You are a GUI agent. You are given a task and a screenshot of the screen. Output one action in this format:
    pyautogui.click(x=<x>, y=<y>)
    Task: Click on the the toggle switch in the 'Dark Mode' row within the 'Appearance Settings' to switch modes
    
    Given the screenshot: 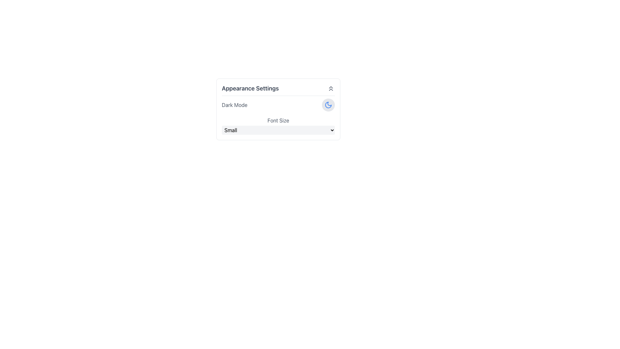 What is the action you would take?
    pyautogui.click(x=278, y=104)
    